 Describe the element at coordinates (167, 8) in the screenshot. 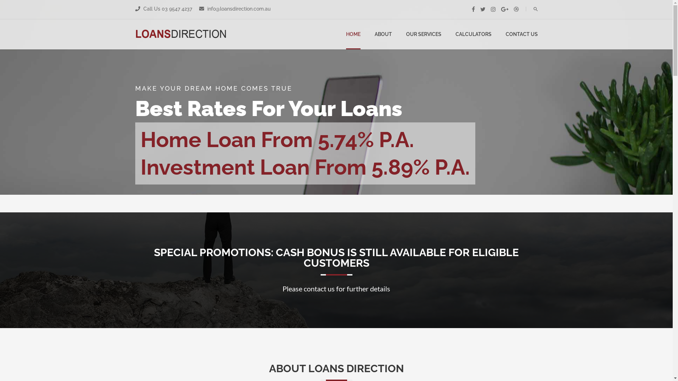

I see `'Call Us 03 9547 4237'` at that location.